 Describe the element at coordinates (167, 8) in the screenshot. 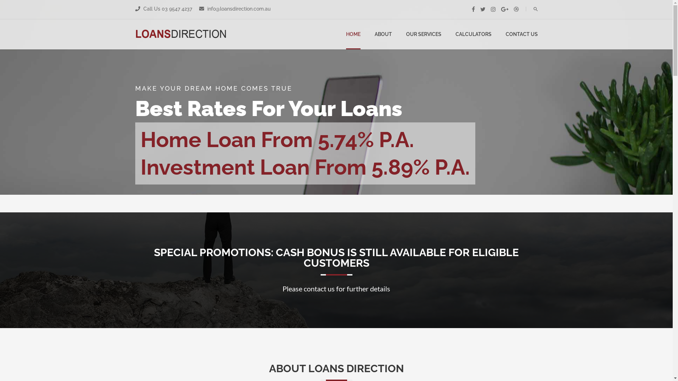

I see `'Call Us 03 9547 4237'` at that location.